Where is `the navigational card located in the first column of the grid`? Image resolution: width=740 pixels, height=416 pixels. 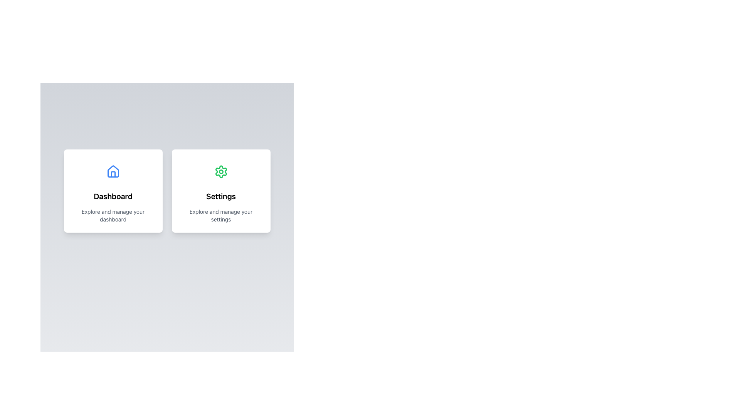 the navigational card located in the first column of the grid is located at coordinates (113, 191).